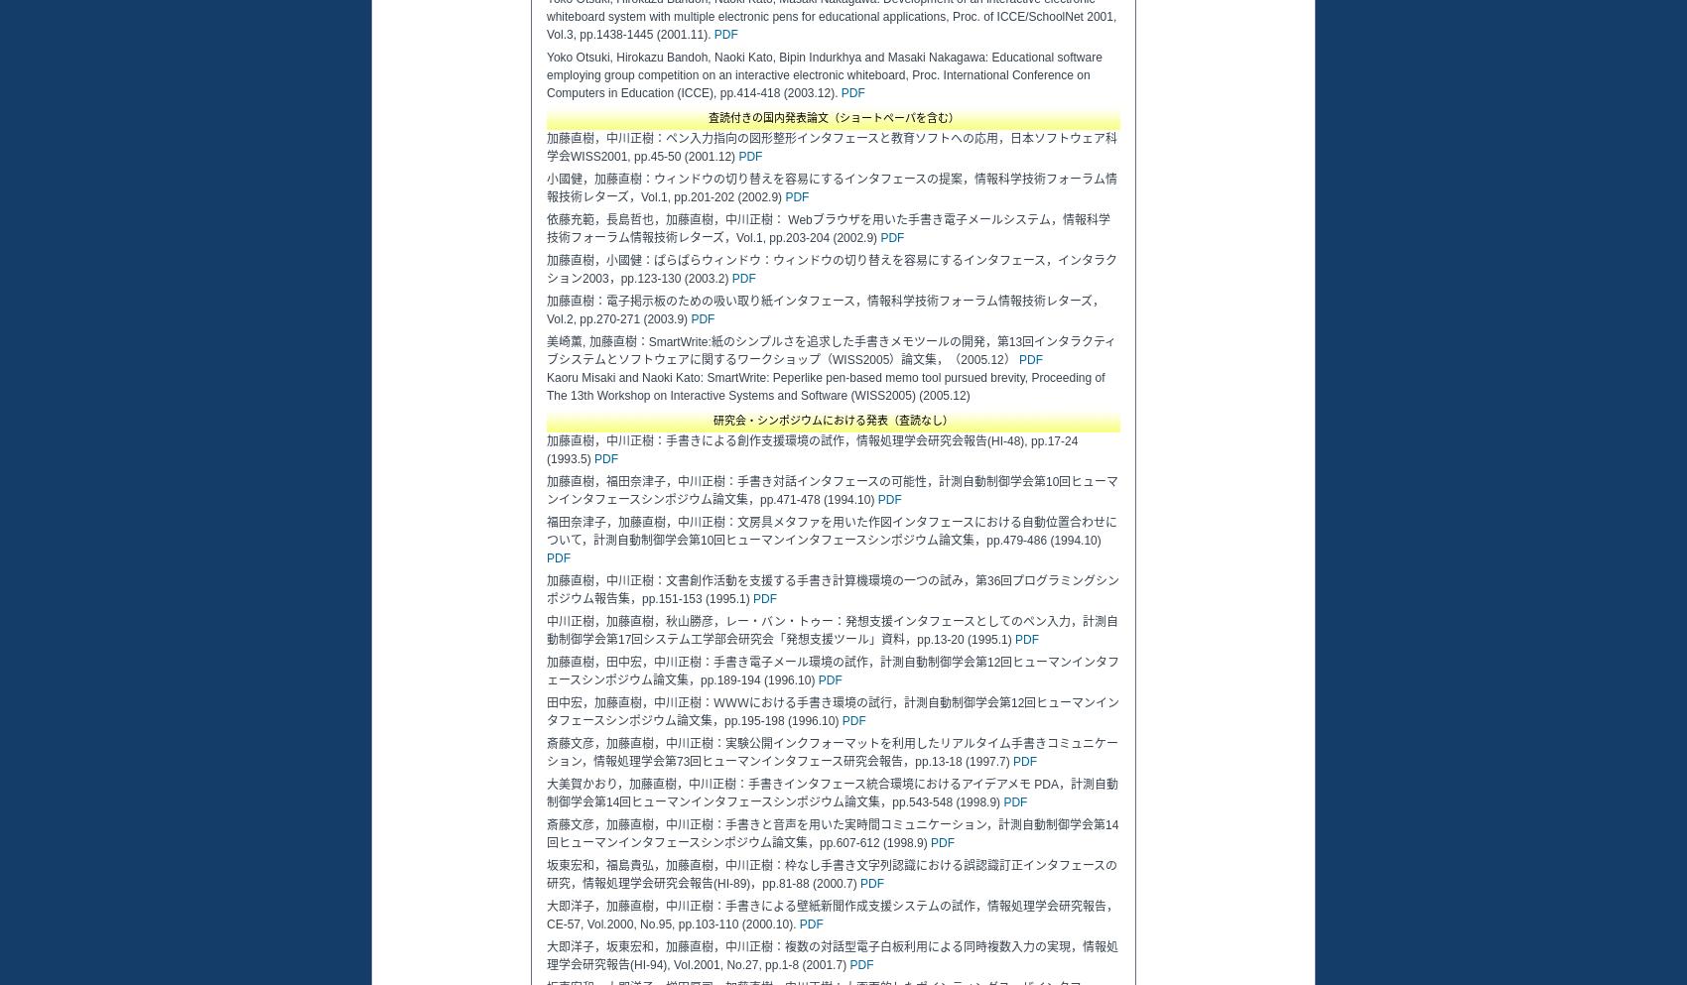 This screenshot has width=1687, height=985. What do you see at coordinates (827, 227) in the screenshot?
I see `'依藤充範，長島哲也，加藤直樹，中川正樹： Webブラウザを用いた手書き電子メールシステム，情報科学技術フォーラム情報技術レターズ，Vol.1, pp.203-204 (2002.9)'` at bounding box center [827, 227].